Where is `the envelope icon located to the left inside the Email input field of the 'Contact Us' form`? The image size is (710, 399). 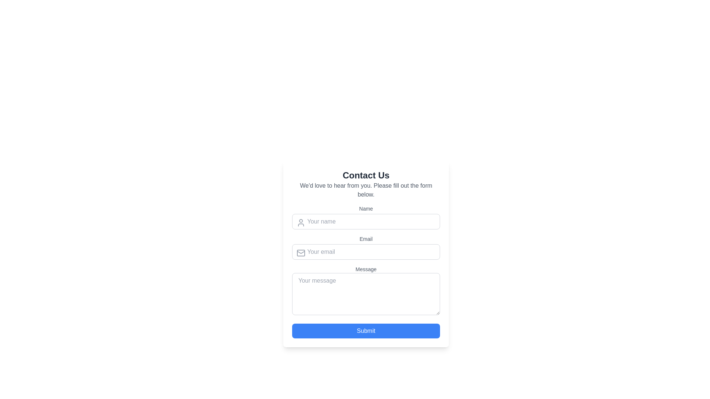
the envelope icon located to the left inside the Email input field of the 'Contact Us' form is located at coordinates (301, 253).